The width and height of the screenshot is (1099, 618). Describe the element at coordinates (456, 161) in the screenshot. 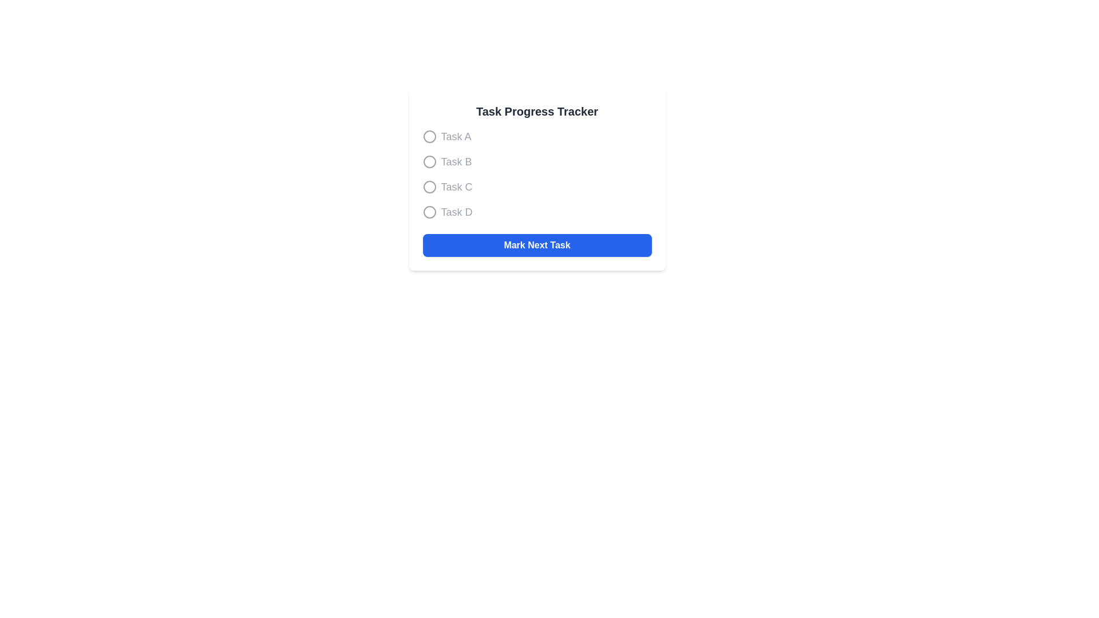

I see `the Text Label displaying 'Task B', which is styled with a gray font color and large text size, located to the right of a circular icon in the middle-left portion of the dialog box` at that location.